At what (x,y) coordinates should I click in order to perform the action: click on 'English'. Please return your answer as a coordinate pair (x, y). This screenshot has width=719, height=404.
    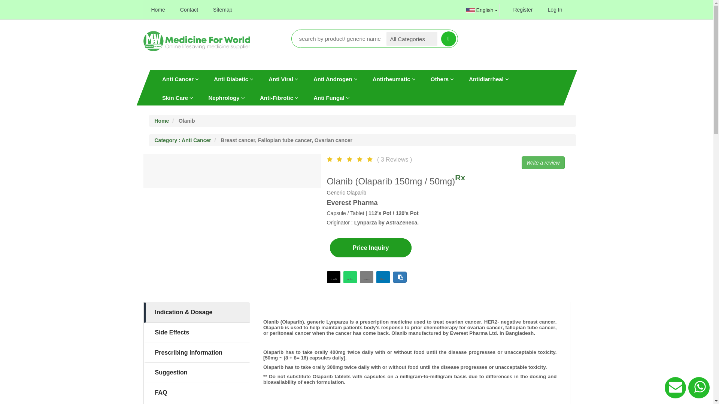
    Looking at the image, I should click on (460, 10).